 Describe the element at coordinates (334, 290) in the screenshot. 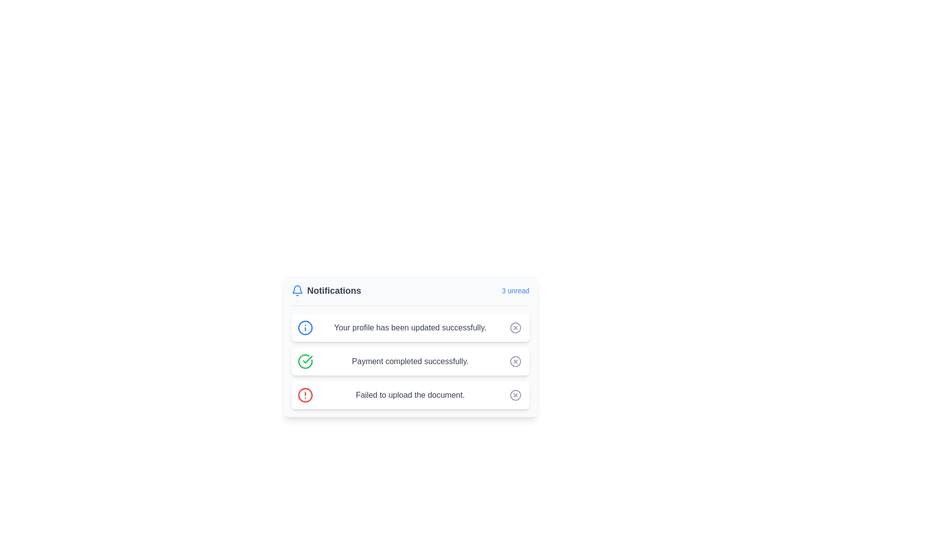

I see `the static text element that serves as a header for the notification section, located near the top left of the module, horizontally aligned with the icon` at that location.